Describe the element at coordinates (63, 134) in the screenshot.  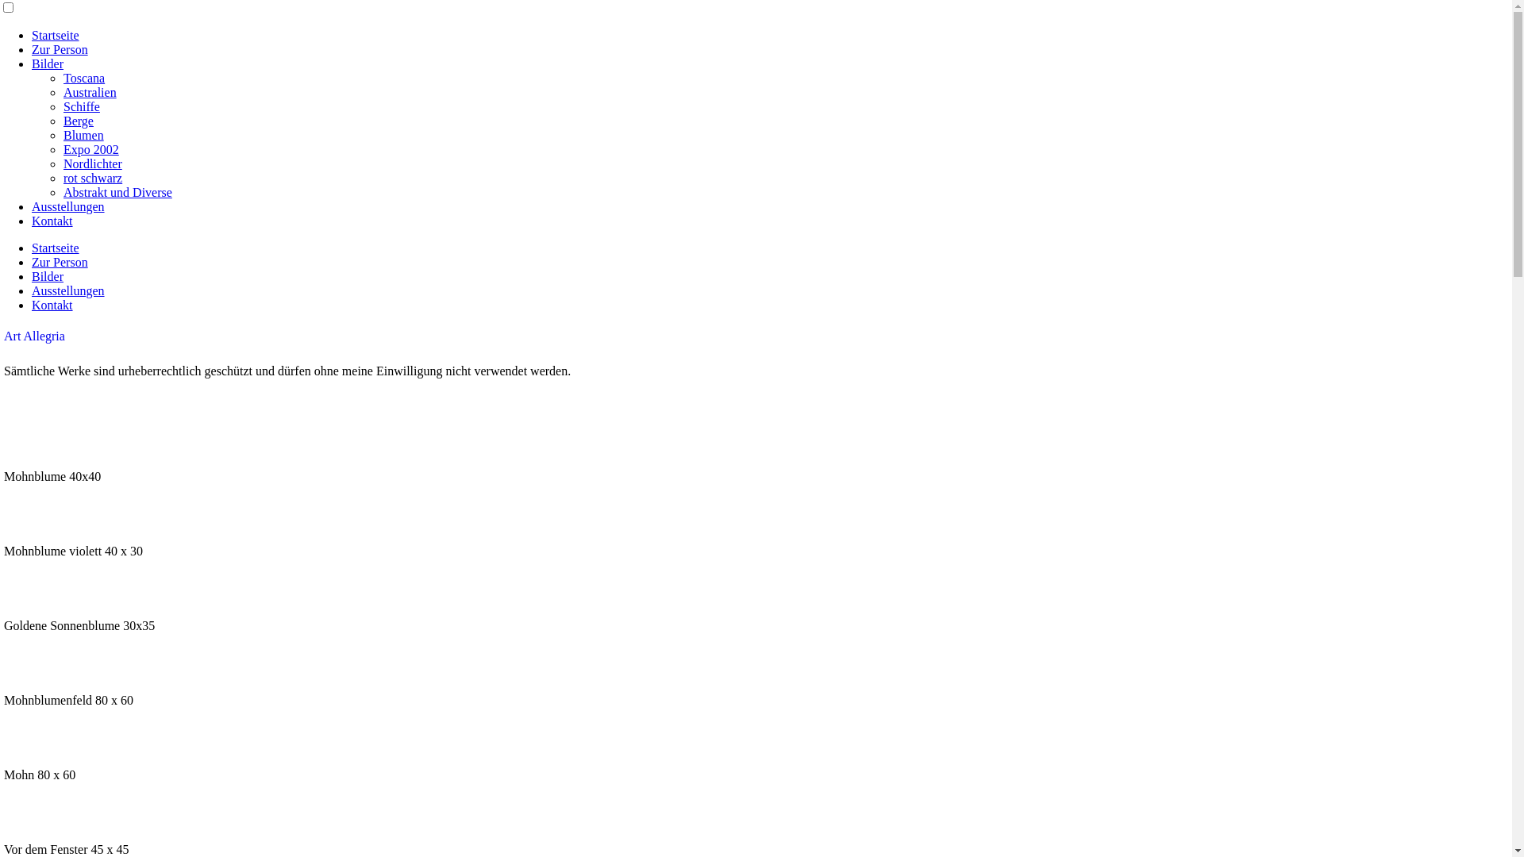
I see `'Blumen'` at that location.